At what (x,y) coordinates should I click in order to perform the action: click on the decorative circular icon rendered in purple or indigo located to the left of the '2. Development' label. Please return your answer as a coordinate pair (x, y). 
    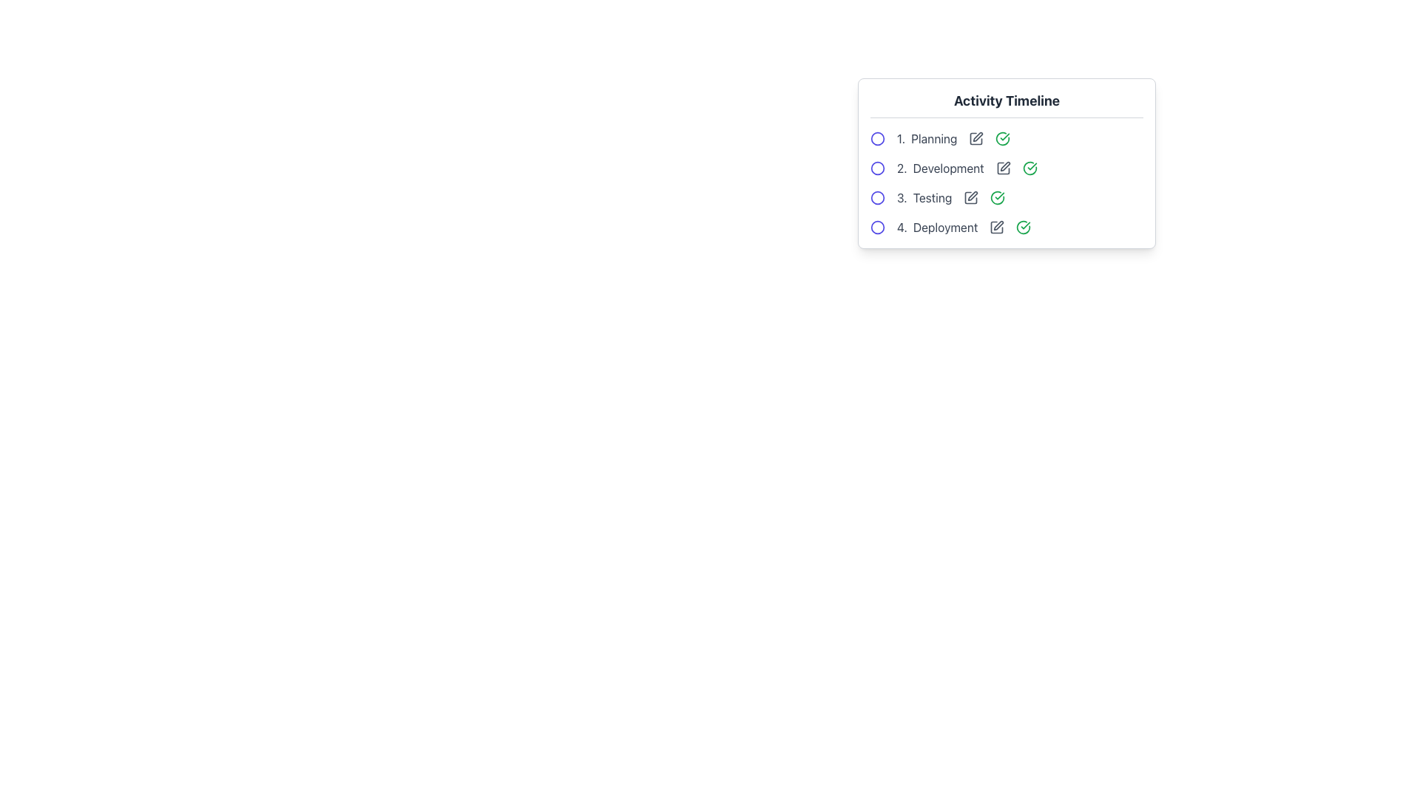
    Looking at the image, I should click on (877, 167).